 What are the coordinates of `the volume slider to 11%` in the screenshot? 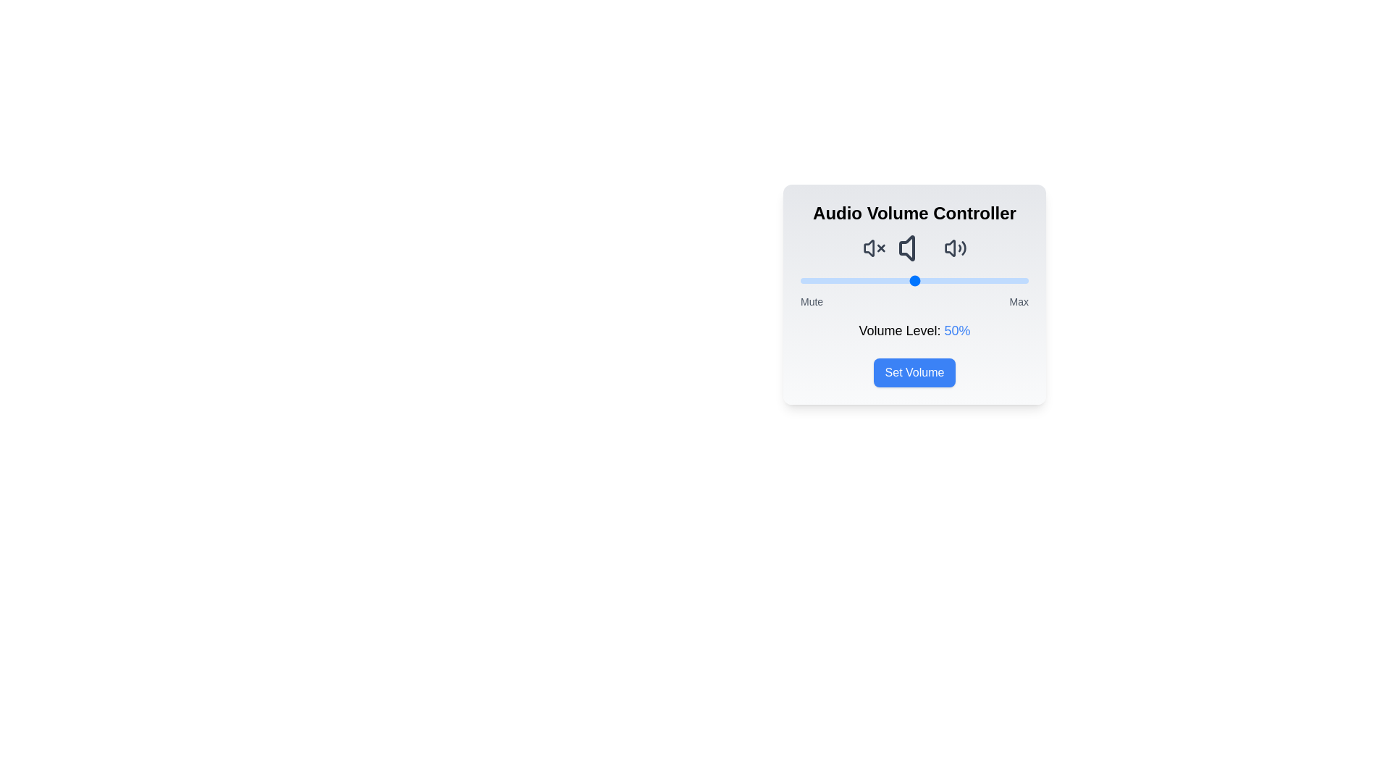 It's located at (825, 281).